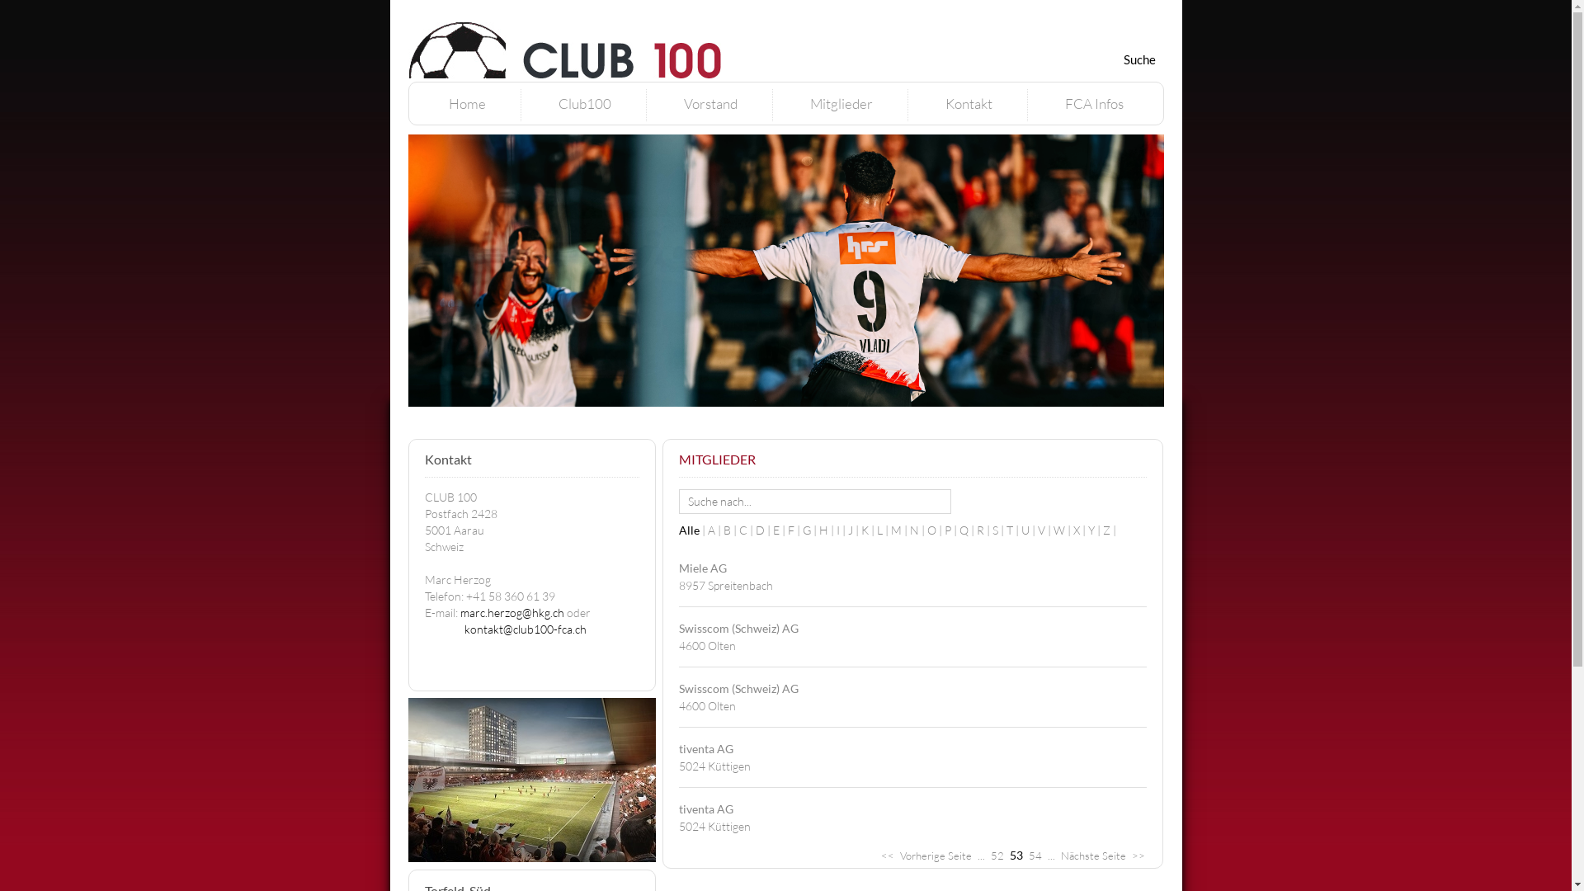 The width and height of the screenshot is (1584, 891). What do you see at coordinates (996, 855) in the screenshot?
I see `'52'` at bounding box center [996, 855].